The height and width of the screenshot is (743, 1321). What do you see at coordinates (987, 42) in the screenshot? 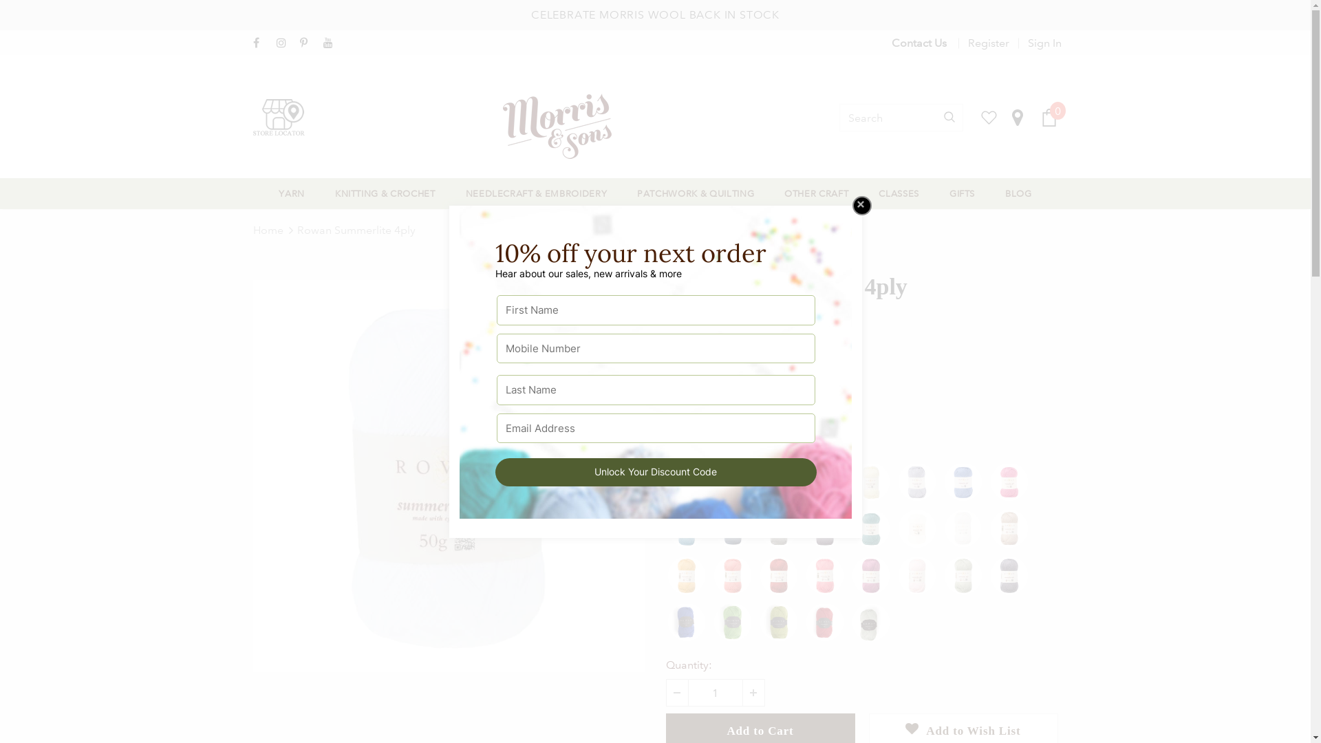
I see `'Register'` at bounding box center [987, 42].